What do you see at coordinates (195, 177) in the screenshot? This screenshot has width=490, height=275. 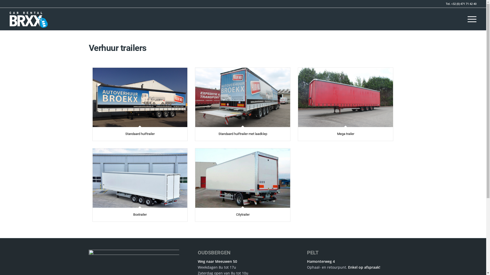 I see `'Citytrailer'` at bounding box center [195, 177].